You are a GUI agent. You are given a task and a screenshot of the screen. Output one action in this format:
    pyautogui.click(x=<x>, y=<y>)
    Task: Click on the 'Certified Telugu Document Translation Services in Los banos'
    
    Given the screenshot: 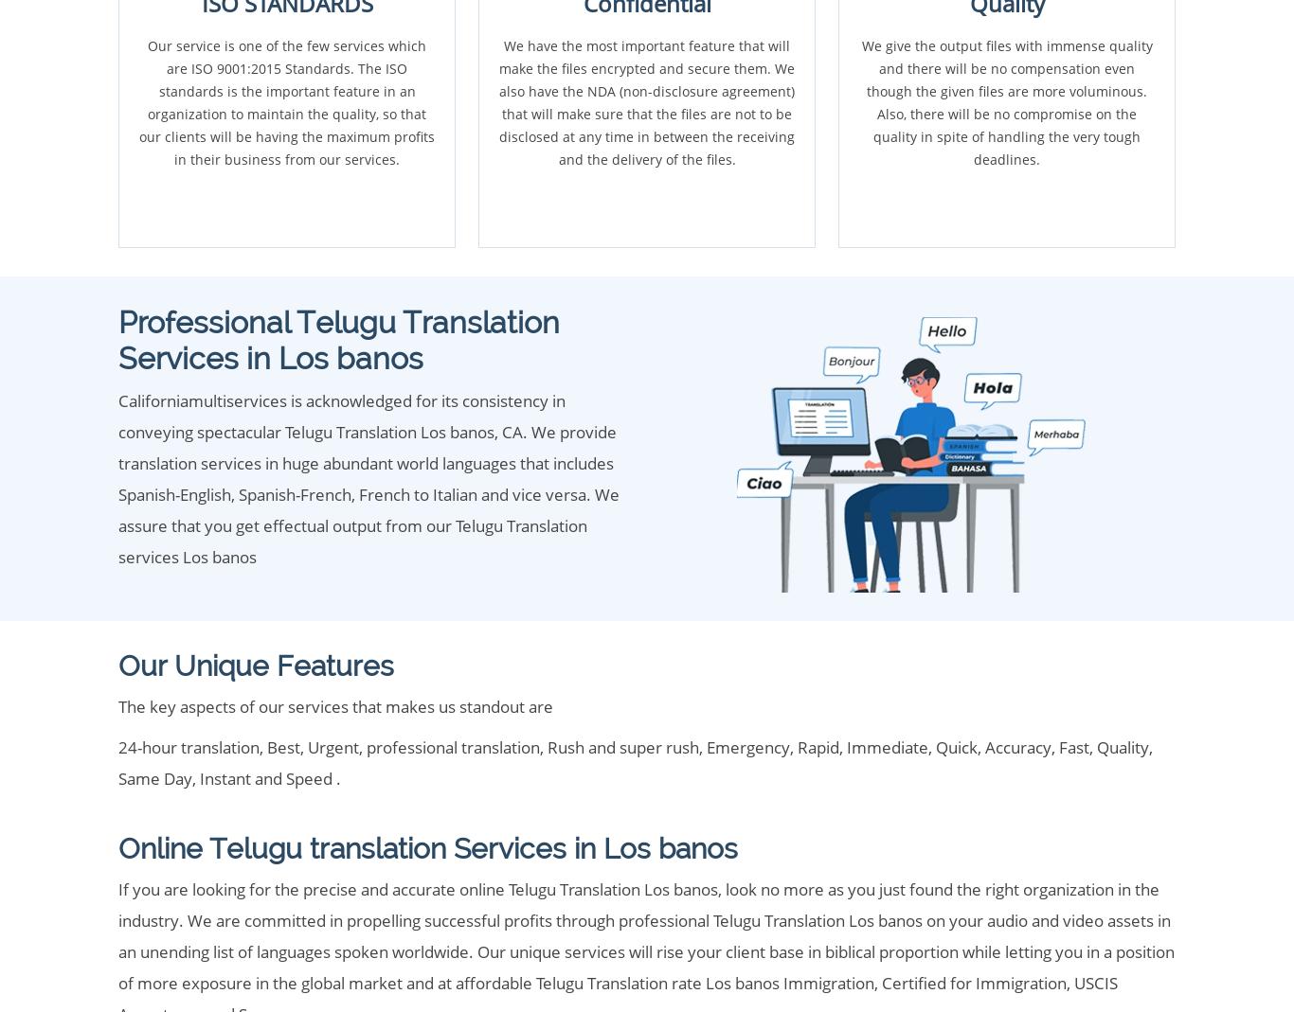 What is the action you would take?
    pyautogui.click(x=518, y=69)
    